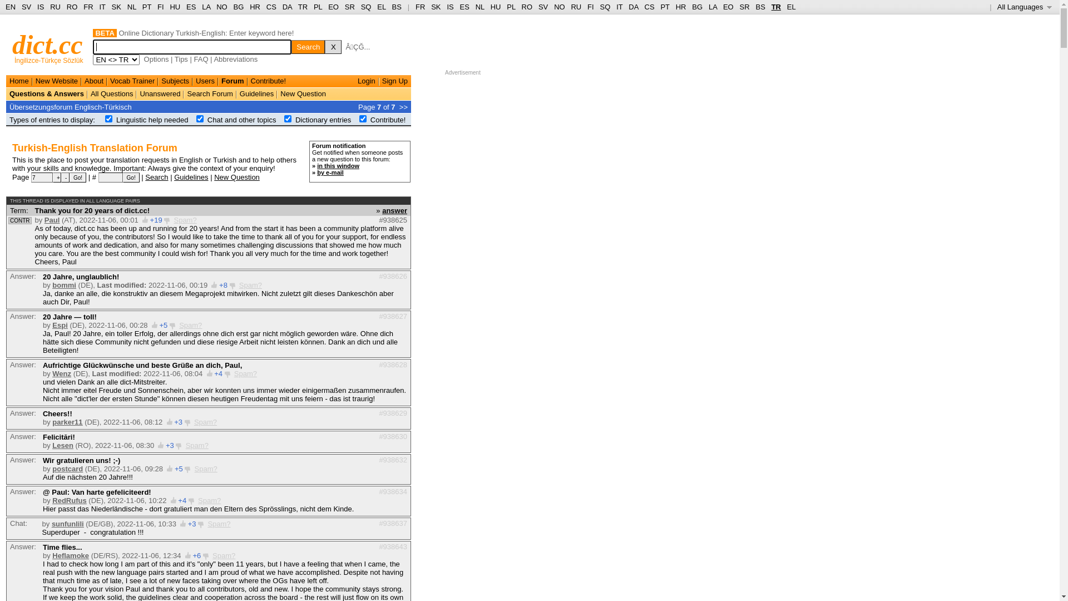  I want to click on 'Heflamoke', so click(70, 555).